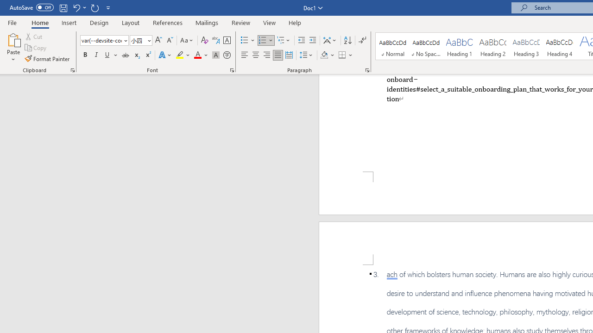  I want to click on 'Heading 4', so click(559, 46).